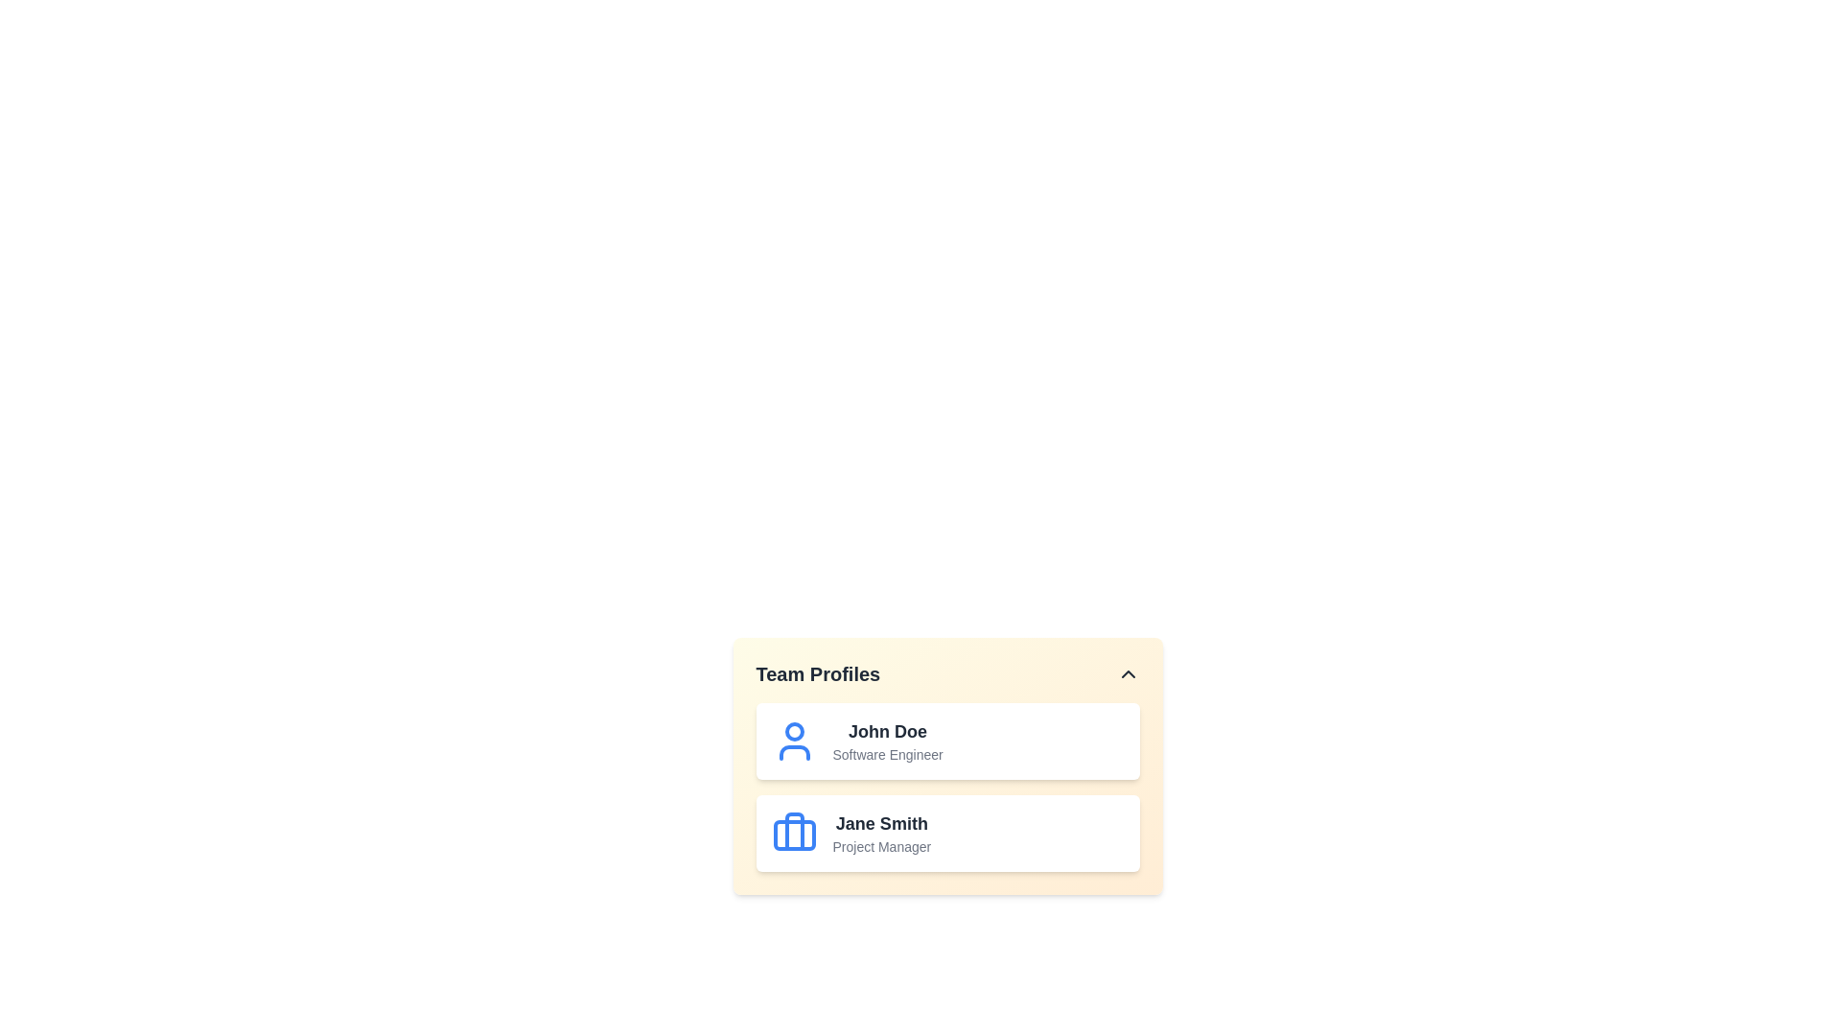  What do you see at coordinates (947, 788) in the screenshot?
I see `the second profile display card within the 'Team Profiles' section` at bounding box center [947, 788].